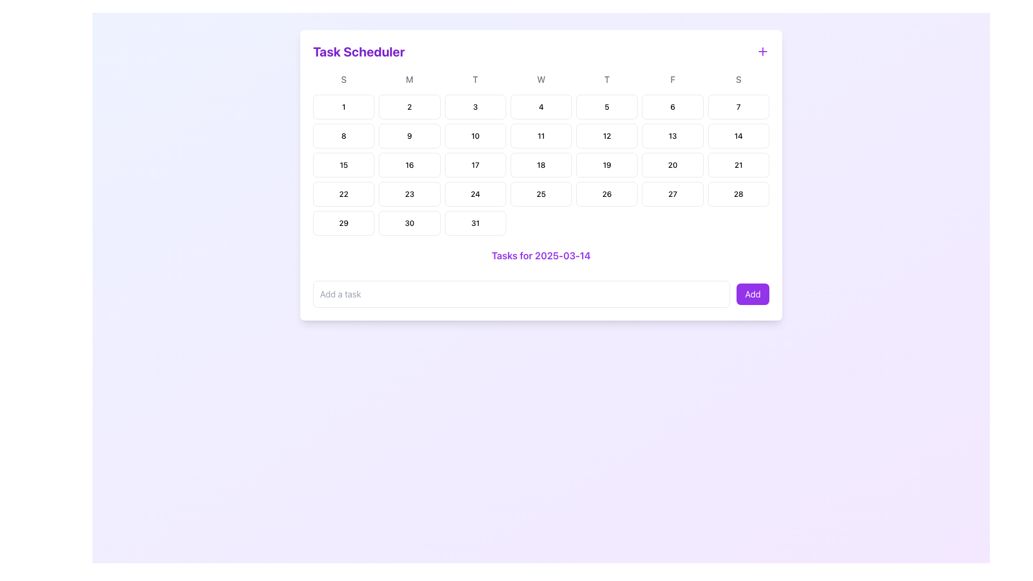 This screenshot has height=581, width=1033. Describe the element at coordinates (409, 107) in the screenshot. I see `the calendar date button labeled '2', which is the second button in the first row of a 7-column grid` at that location.